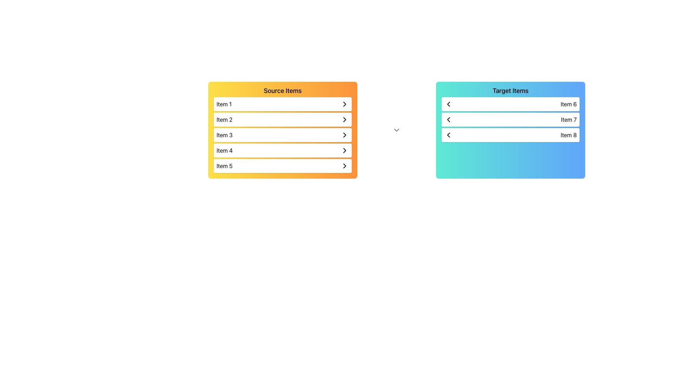 This screenshot has height=379, width=674. Describe the element at coordinates (283, 104) in the screenshot. I see `the first list item labeled 'Item 1' in the 'Source Items' section` at that location.